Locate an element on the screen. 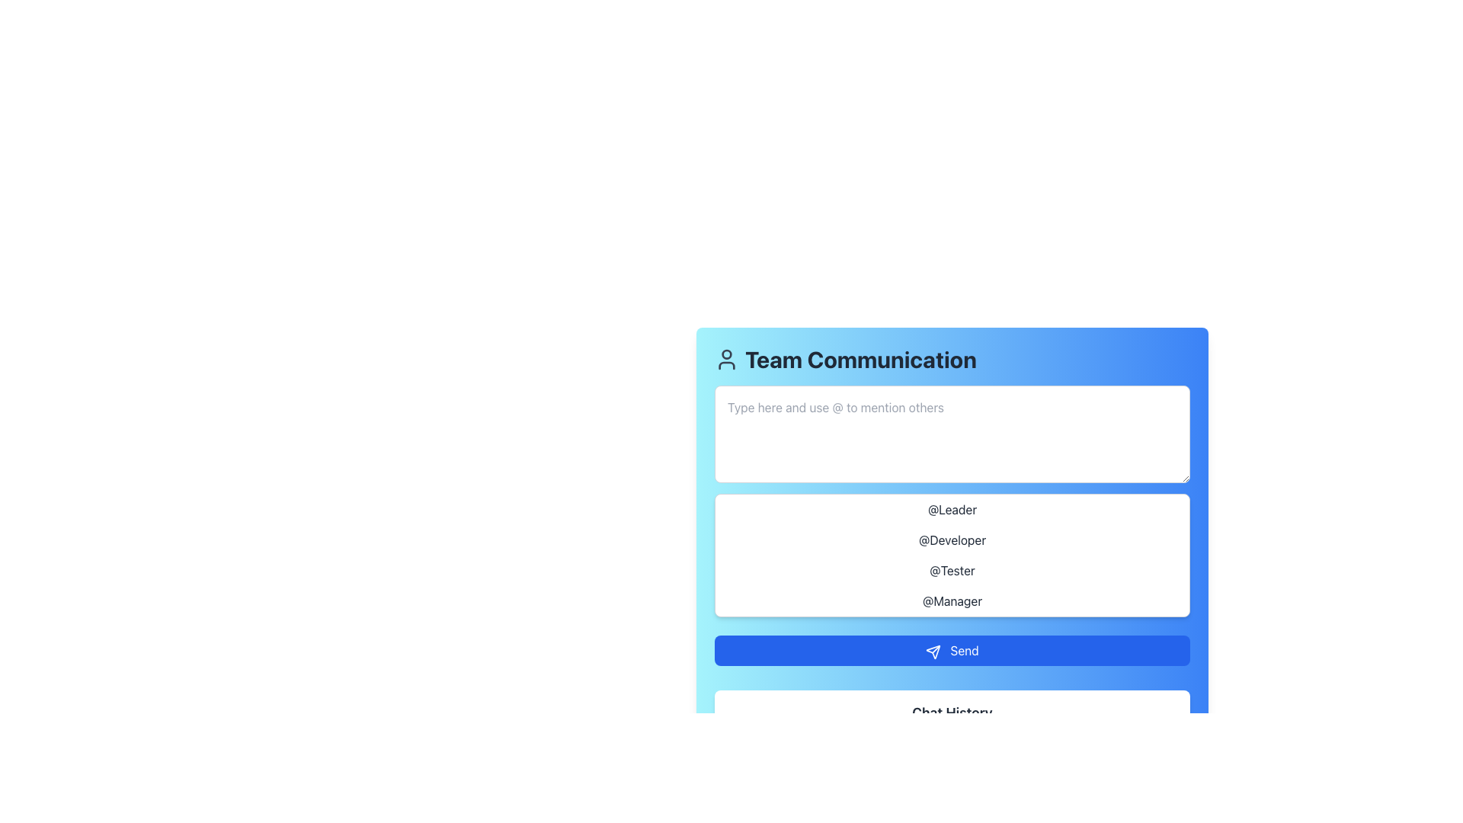 Image resolution: width=1463 pixels, height=823 pixels. to select the fourth option in the mention list, which is the '@Manager' entry, located within a light-themed box below the '@Tester' entry is located at coordinates (951, 600).